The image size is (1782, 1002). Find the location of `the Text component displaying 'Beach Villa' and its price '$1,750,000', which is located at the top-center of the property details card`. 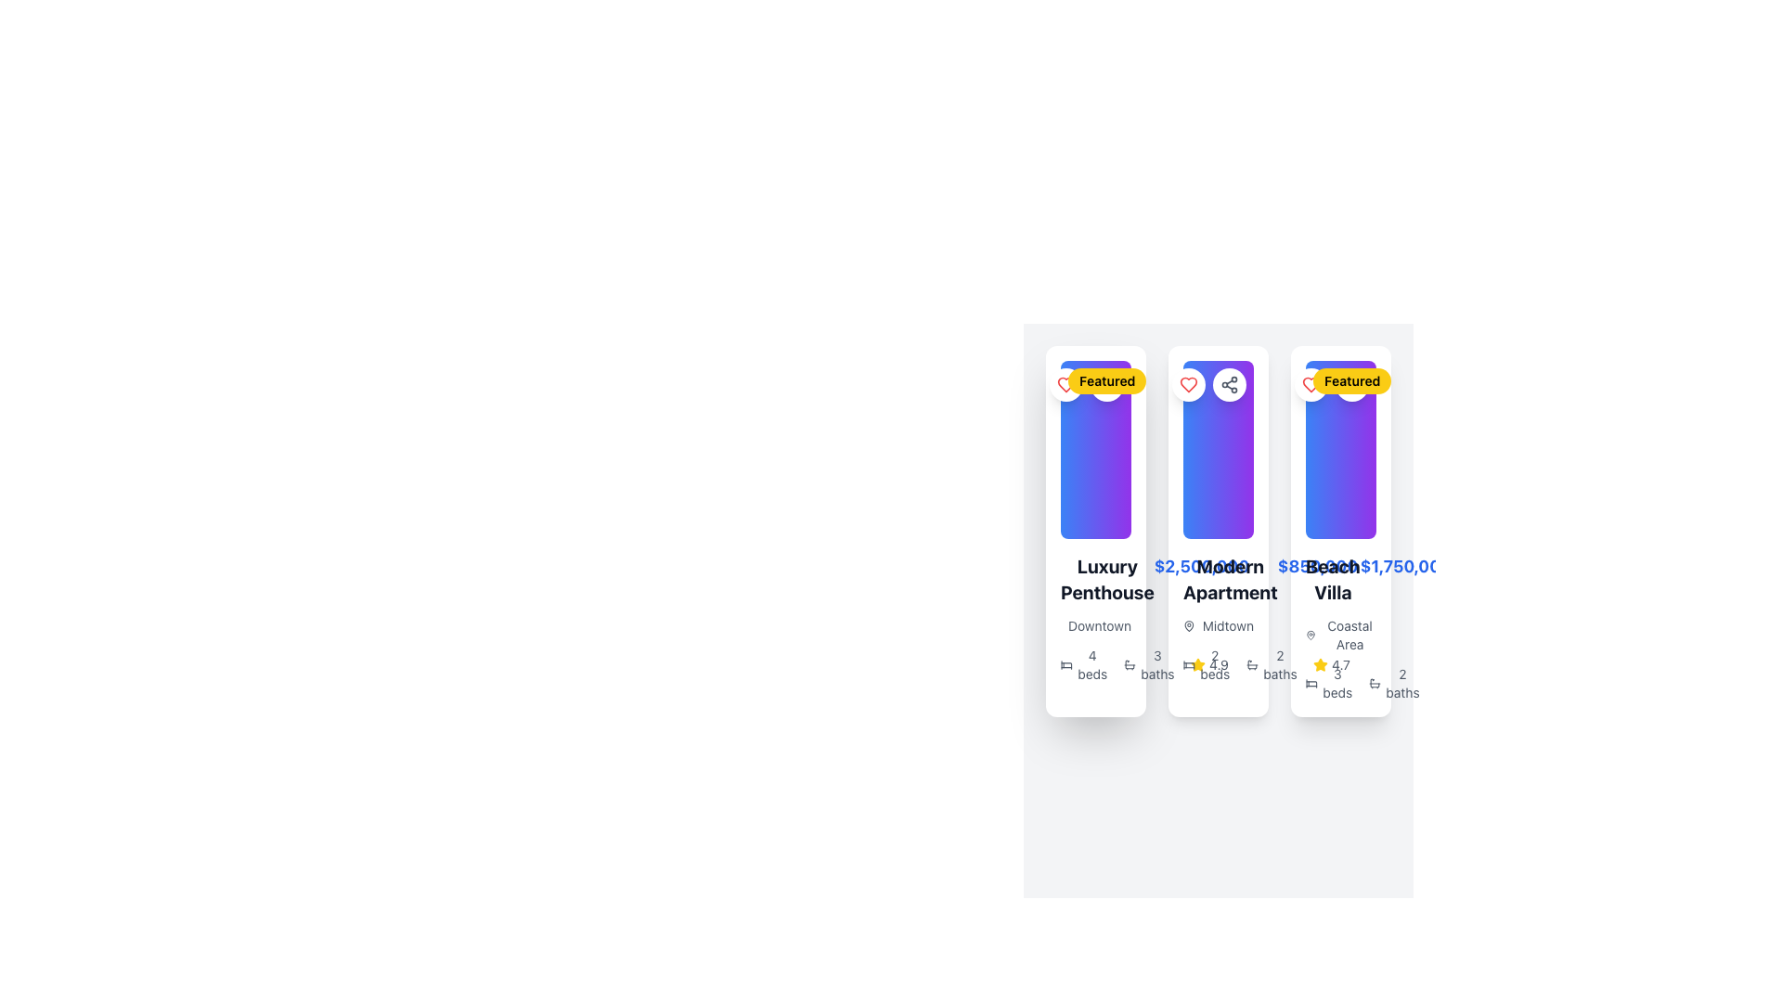

the Text component displaying 'Beach Villa' and its price '$1,750,000', which is located at the top-center of the property details card is located at coordinates (1340, 578).